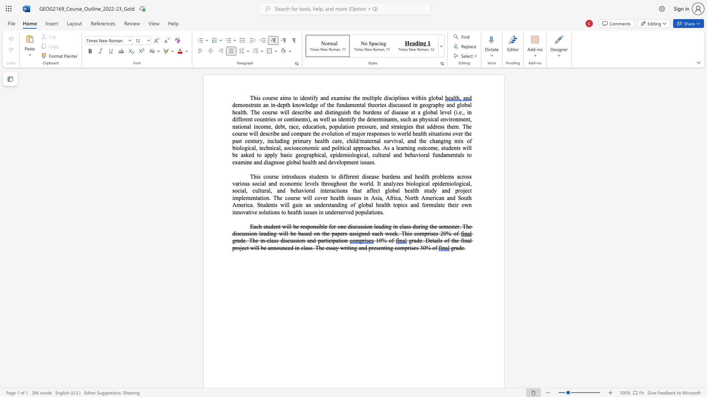  What do you see at coordinates (300, 148) in the screenshot?
I see `the 2th character "c" in the text` at bounding box center [300, 148].